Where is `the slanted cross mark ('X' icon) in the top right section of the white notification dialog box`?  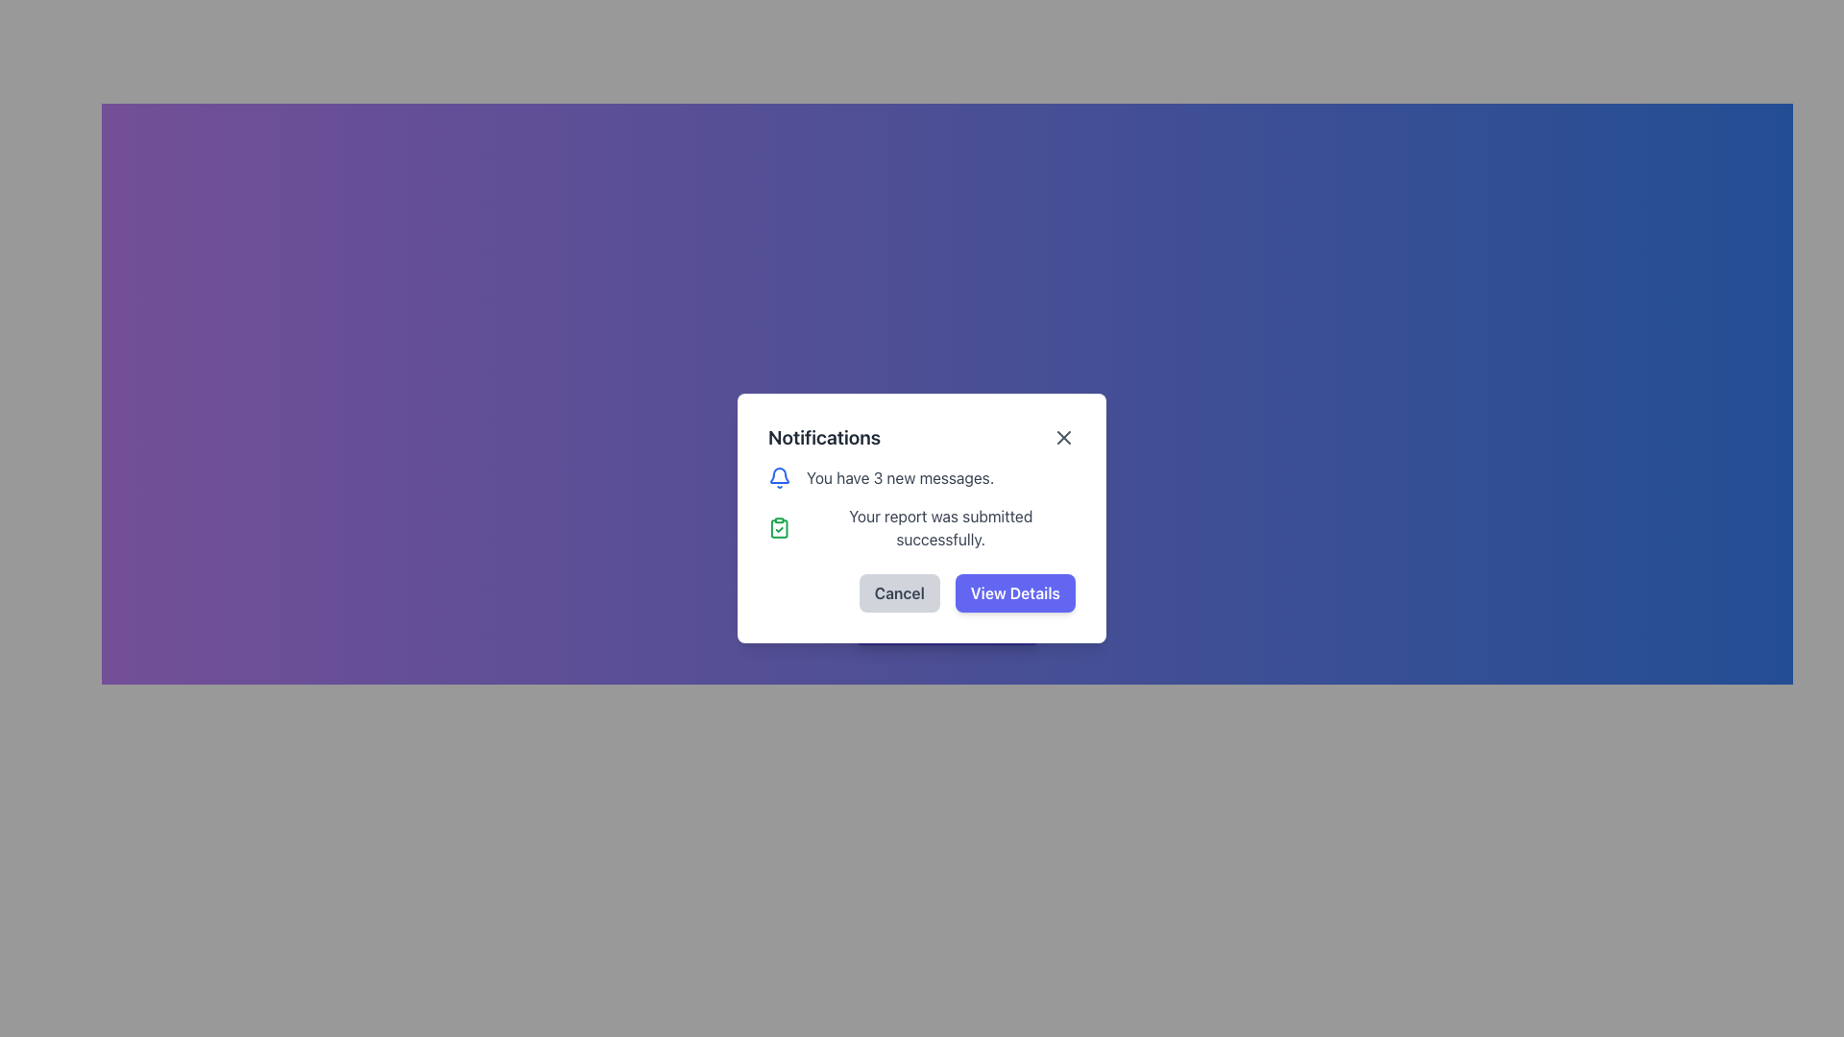 the slanted cross mark ('X' icon) in the top right section of the white notification dialog box is located at coordinates (1063, 437).